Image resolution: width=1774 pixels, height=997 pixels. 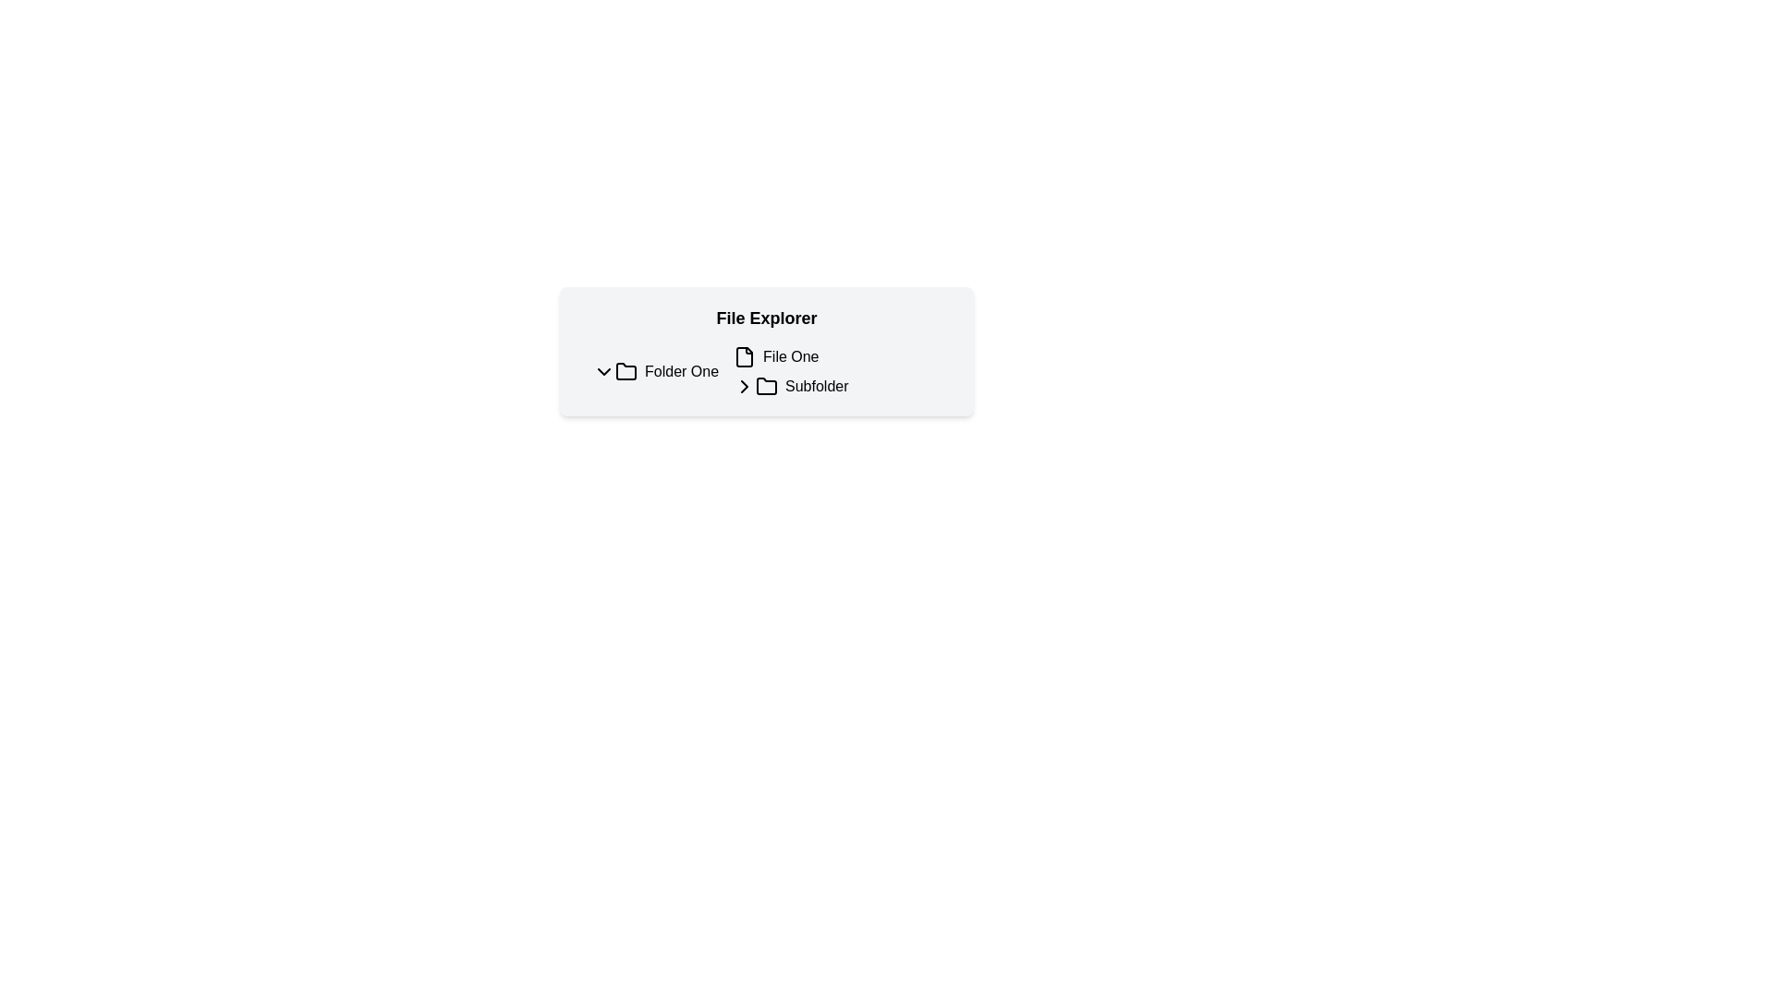 What do you see at coordinates (767, 317) in the screenshot?
I see `the 'File Explorer' text label, which is styled in bold and larger size, positioned at the top center of the file navigation interface` at bounding box center [767, 317].